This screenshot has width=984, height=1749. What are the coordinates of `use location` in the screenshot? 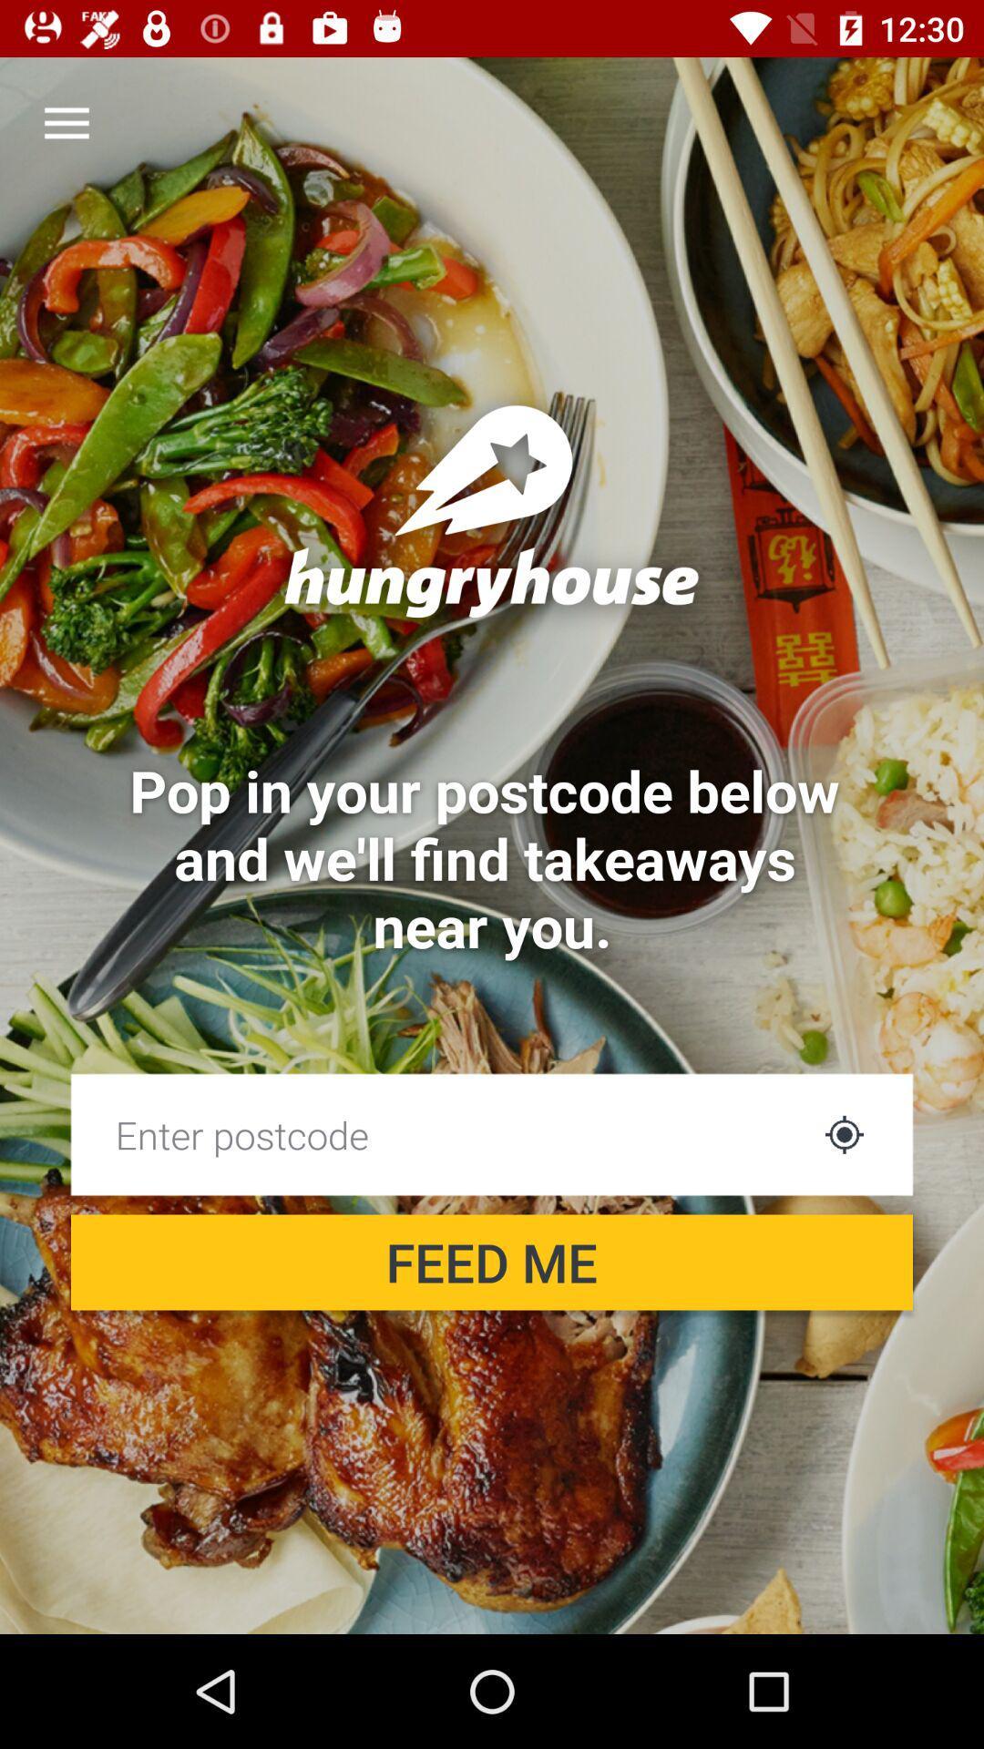 It's located at (844, 1133).